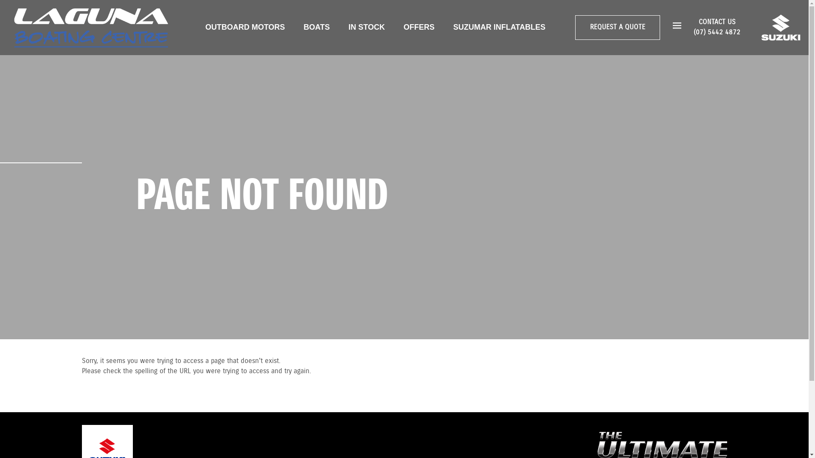 The image size is (815, 458). Describe the element at coordinates (244, 27) in the screenshot. I see `'OUTBOARD MOTORS'` at that location.